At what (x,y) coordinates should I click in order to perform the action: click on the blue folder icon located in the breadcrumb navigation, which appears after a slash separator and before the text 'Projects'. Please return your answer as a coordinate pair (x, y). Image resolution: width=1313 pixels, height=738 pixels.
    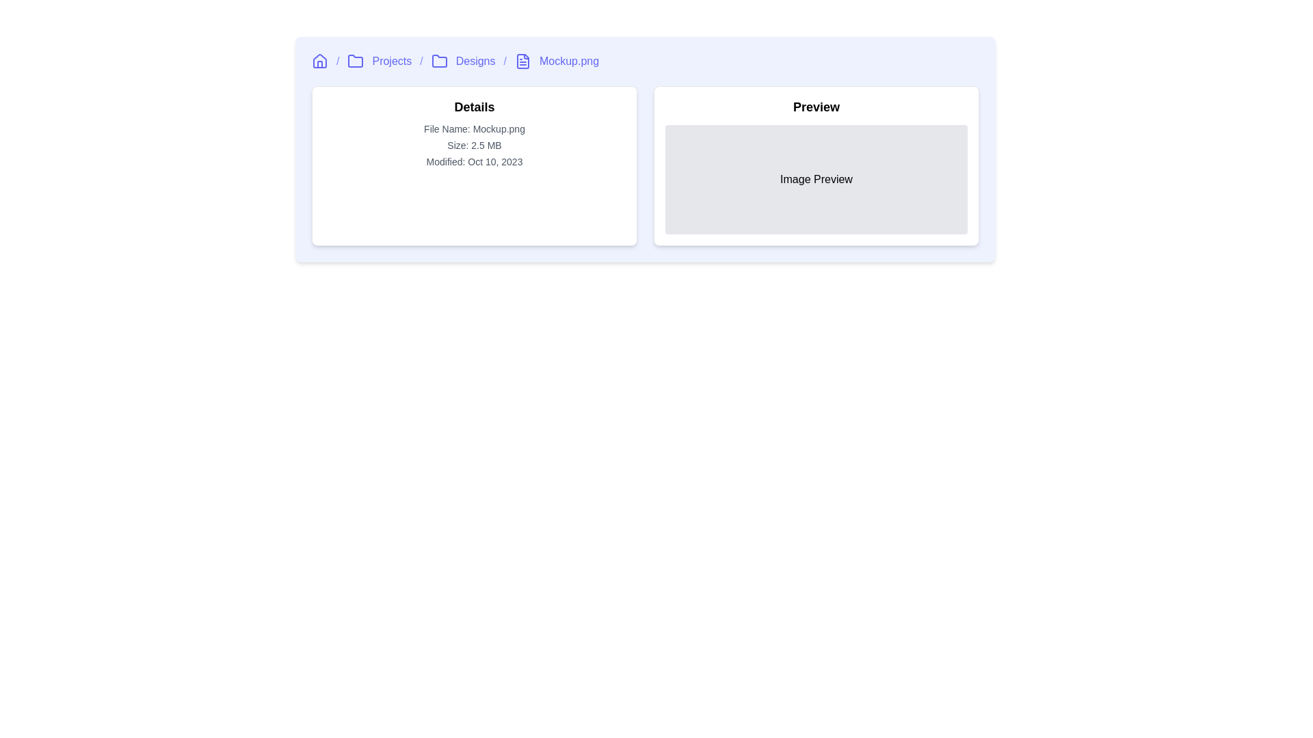
    Looking at the image, I should click on (355, 60).